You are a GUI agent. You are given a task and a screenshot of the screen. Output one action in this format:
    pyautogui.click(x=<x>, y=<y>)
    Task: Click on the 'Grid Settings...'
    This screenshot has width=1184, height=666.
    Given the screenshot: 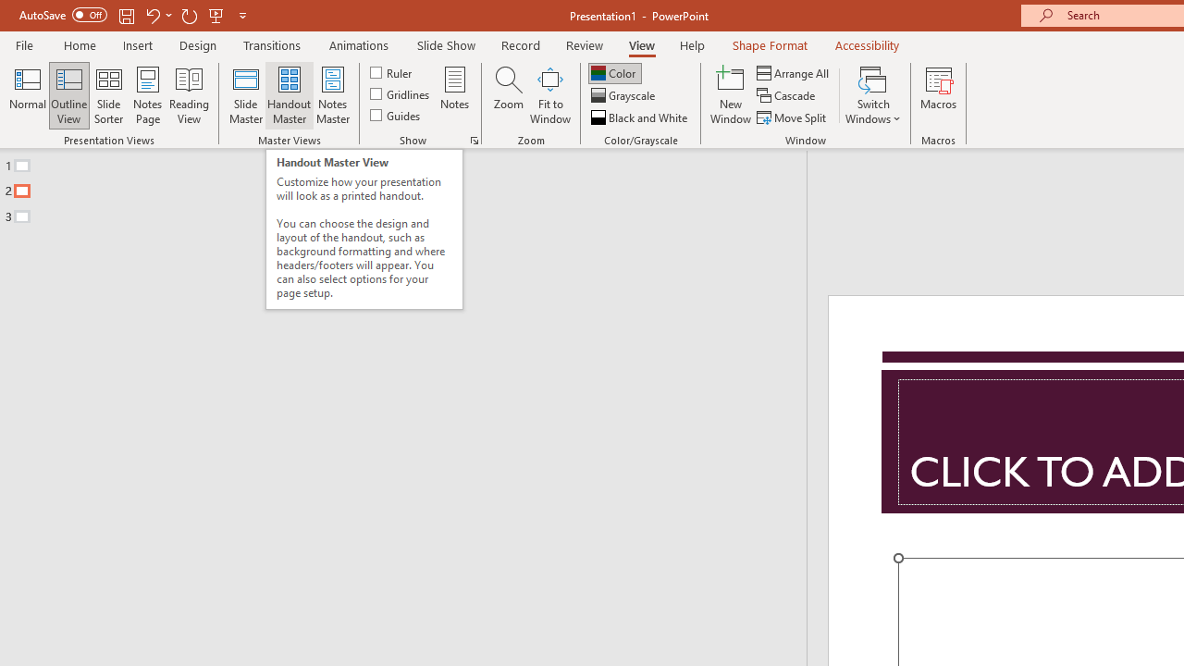 What is the action you would take?
    pyautogui.click(x=475, y=139)
    